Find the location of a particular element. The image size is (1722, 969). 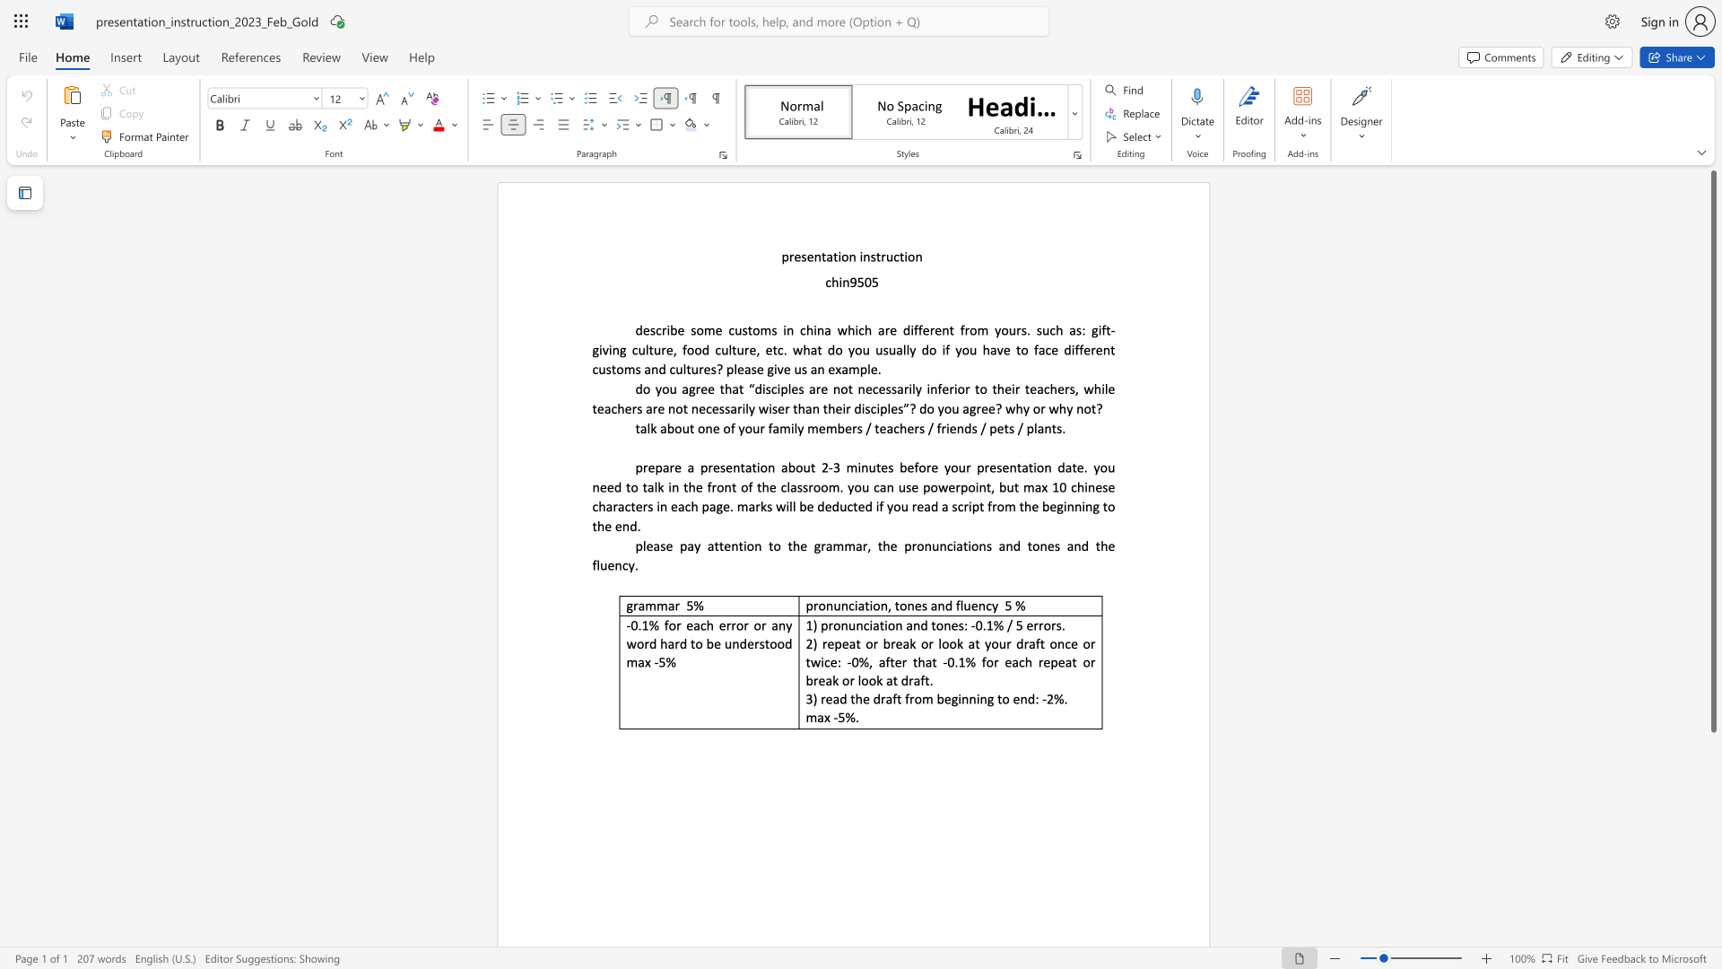

the scrollbar to slide the page down is located at coordinates (1712, 806).